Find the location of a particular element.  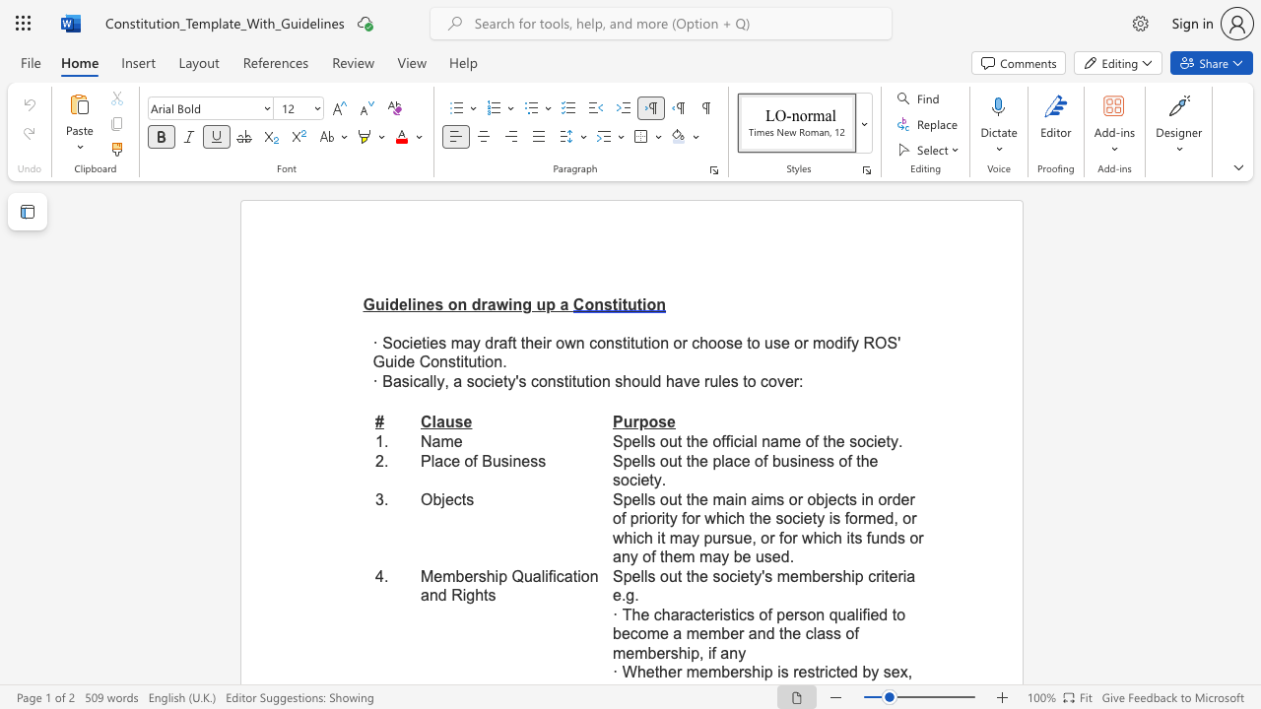

the subset text "ciety" within the text "society" is located at coordinates (483, 381).